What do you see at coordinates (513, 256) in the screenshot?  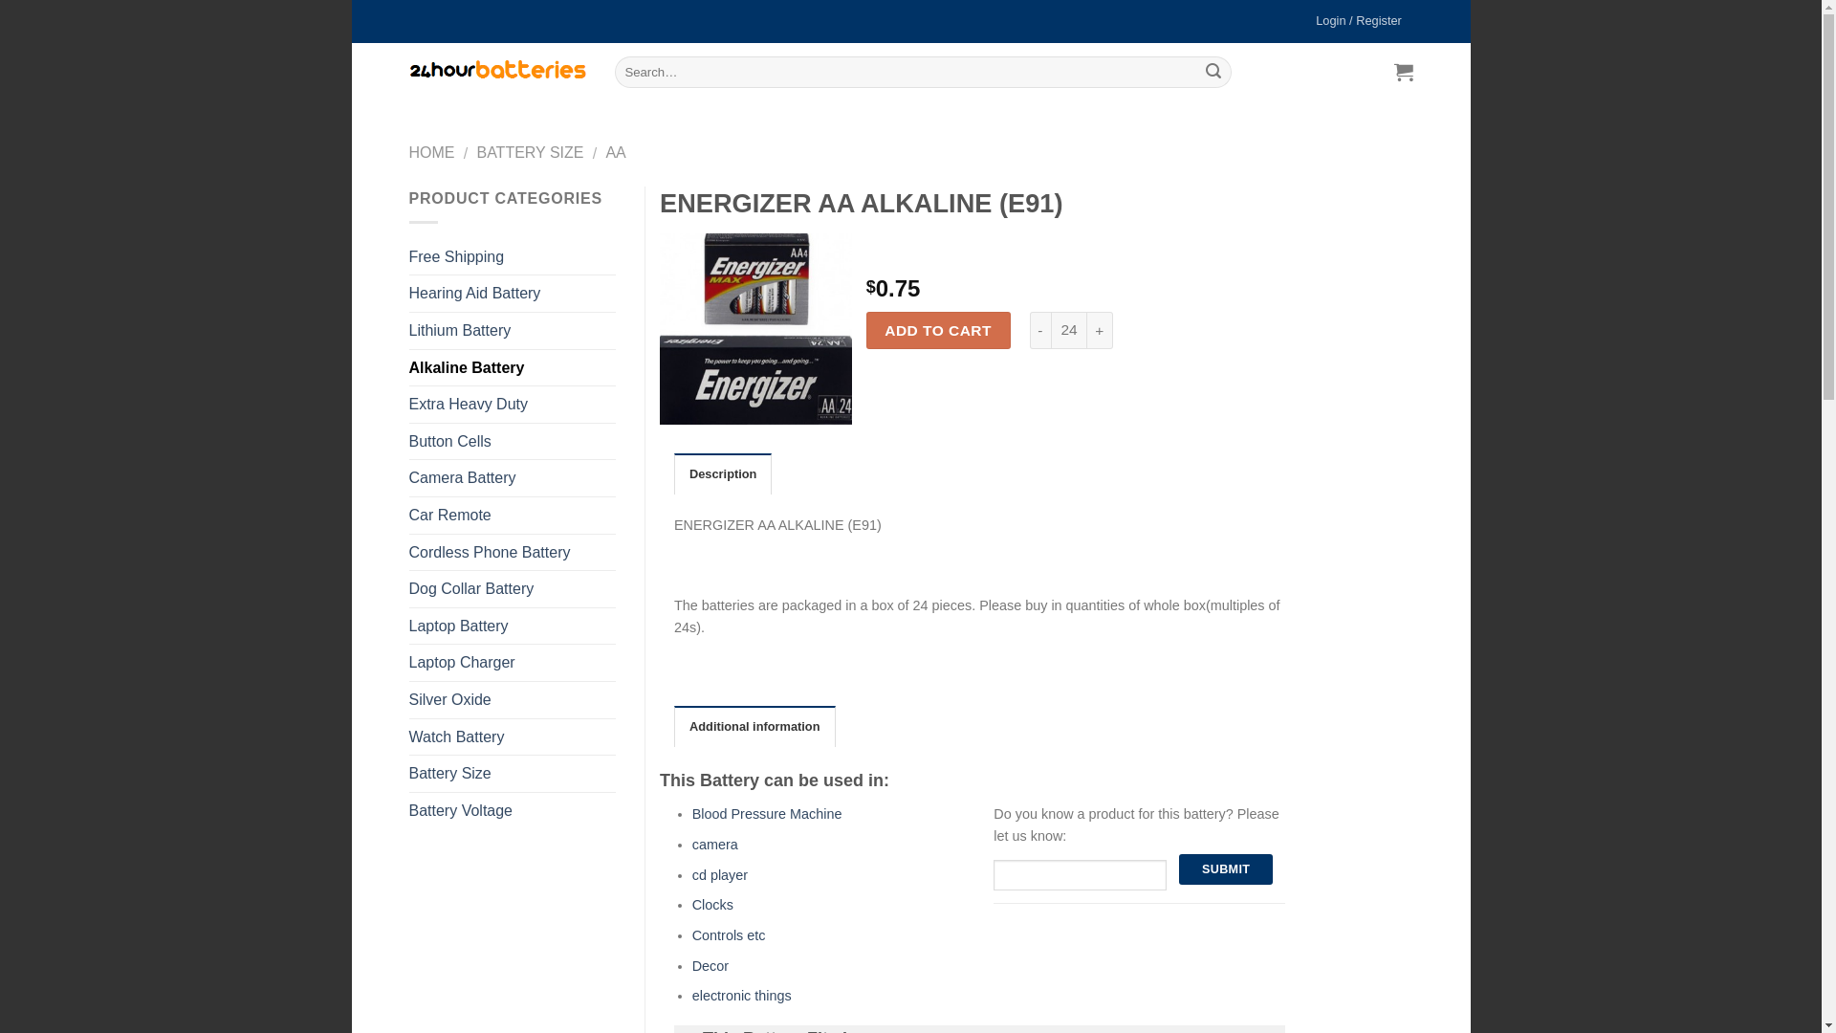 I see `'Free Shipping'` at bounding box center [513, 256].